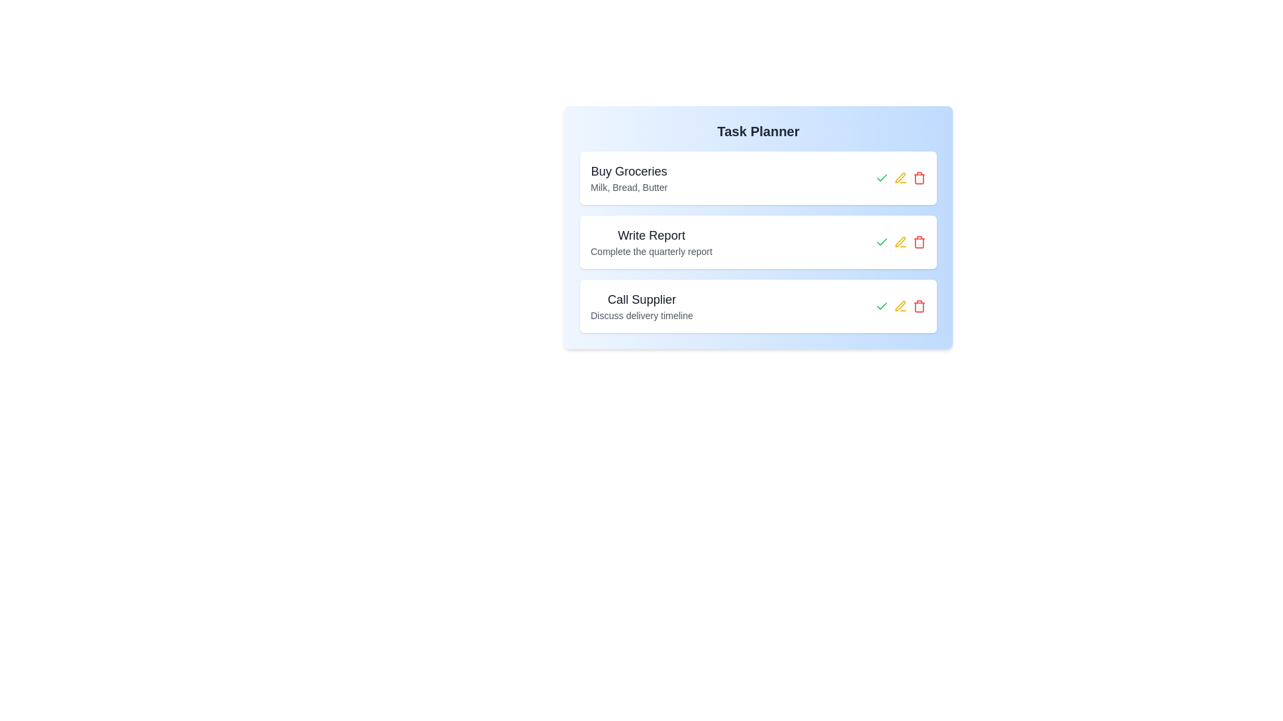 This screenshot has height=721, width=1283. I want to click on the delete button for the task titled 'Call Supplier', so click(919, 306).